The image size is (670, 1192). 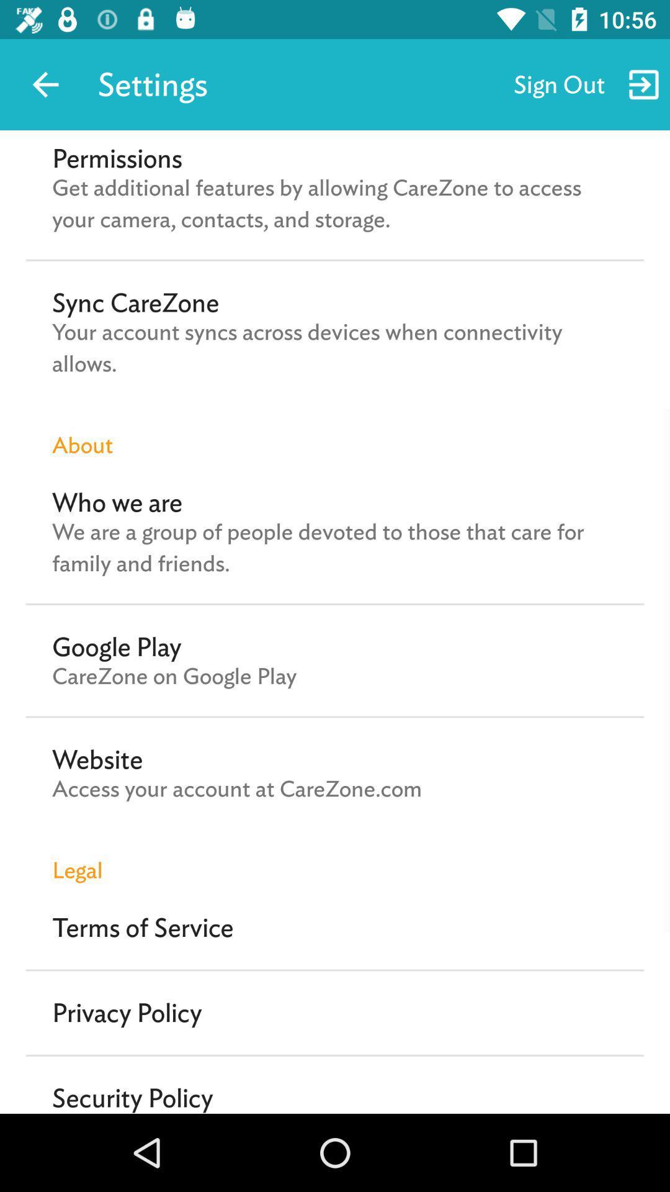 What do you see at coordinates (45, 84) in the screenshot?
I see `the icon above permissions` at bounding box center [45, 84].